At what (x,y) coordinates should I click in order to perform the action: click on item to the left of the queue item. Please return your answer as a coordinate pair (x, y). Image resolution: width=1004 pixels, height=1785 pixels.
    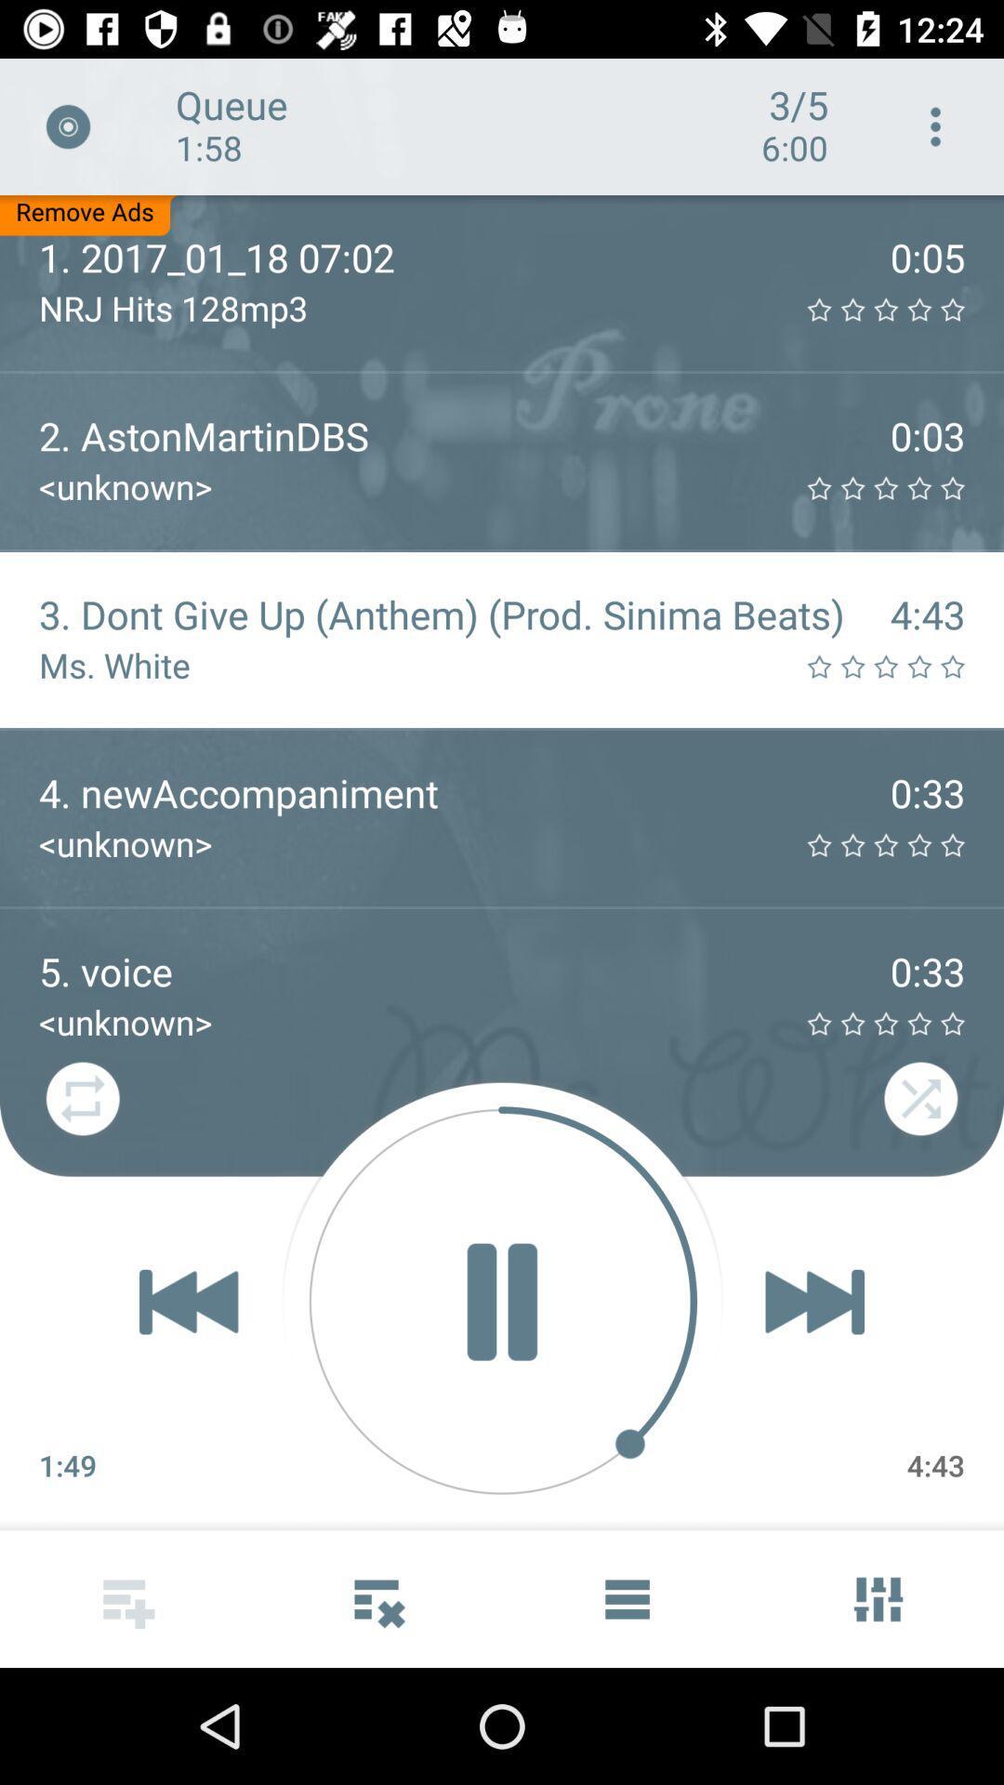
    Looking at the image, I should click on (67, 126).